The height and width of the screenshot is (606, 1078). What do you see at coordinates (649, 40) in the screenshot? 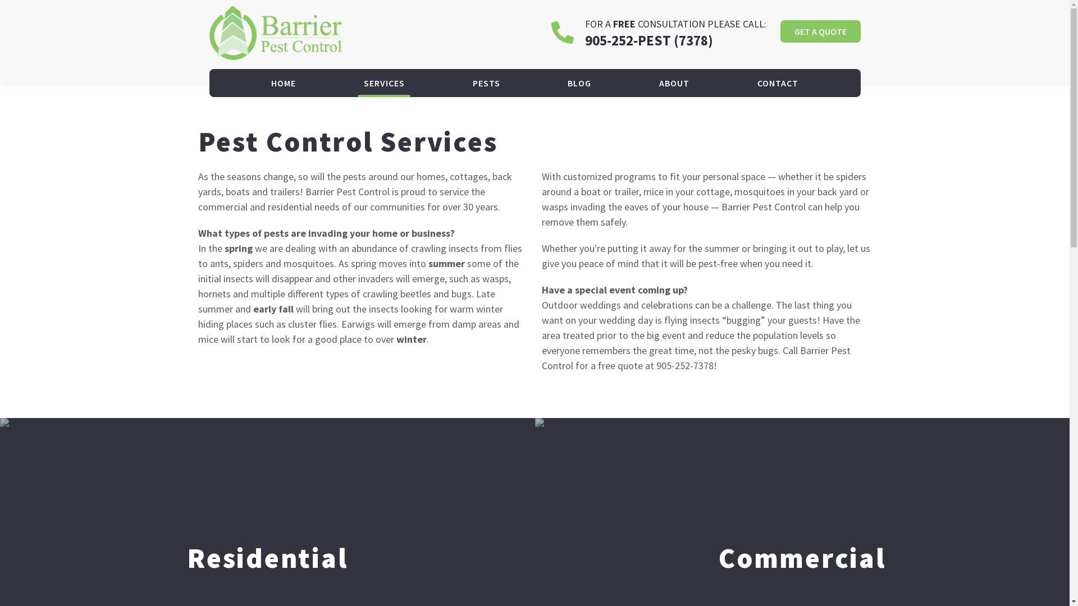
I see `'905-252-PEST (7378)'` at bounding box center [649, 40].